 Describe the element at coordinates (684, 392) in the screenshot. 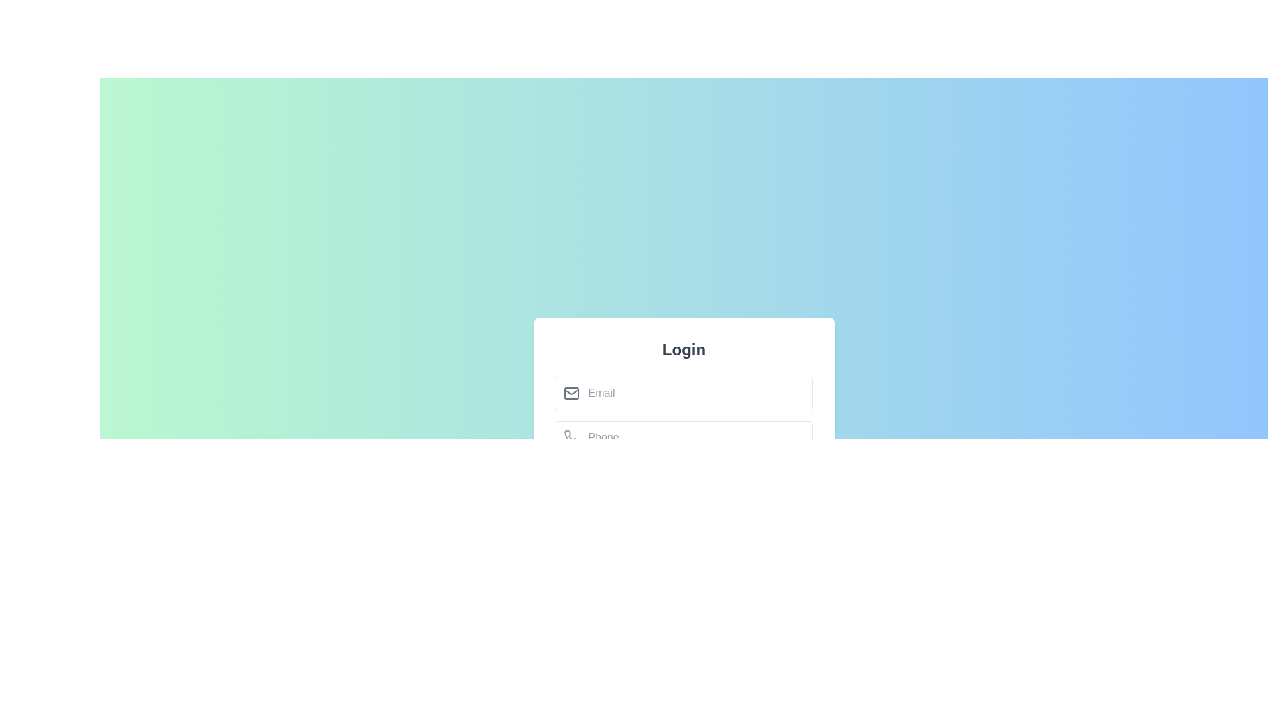

I see `the email input field located directly beneath the 'Login' title to focus on it` at that location.